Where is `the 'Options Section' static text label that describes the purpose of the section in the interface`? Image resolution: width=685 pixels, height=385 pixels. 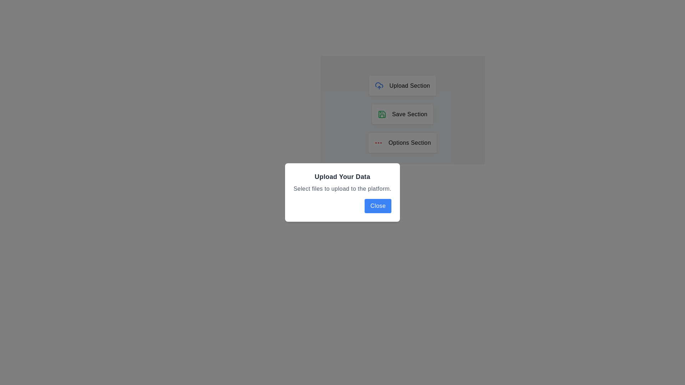 the 'Options Section' static text label that describes the purpose of the section in the interface is located at coordinates (410, 143).